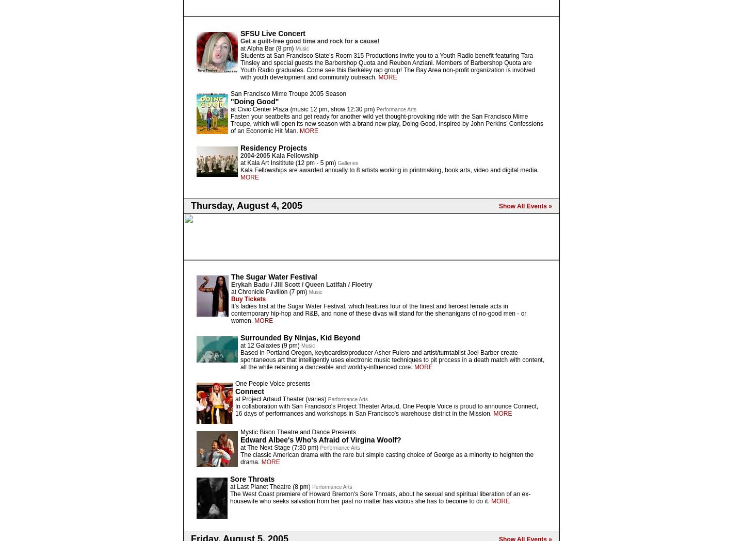  I want to click on 'at Alpha Bar (8 pm)', so click(267, 47).